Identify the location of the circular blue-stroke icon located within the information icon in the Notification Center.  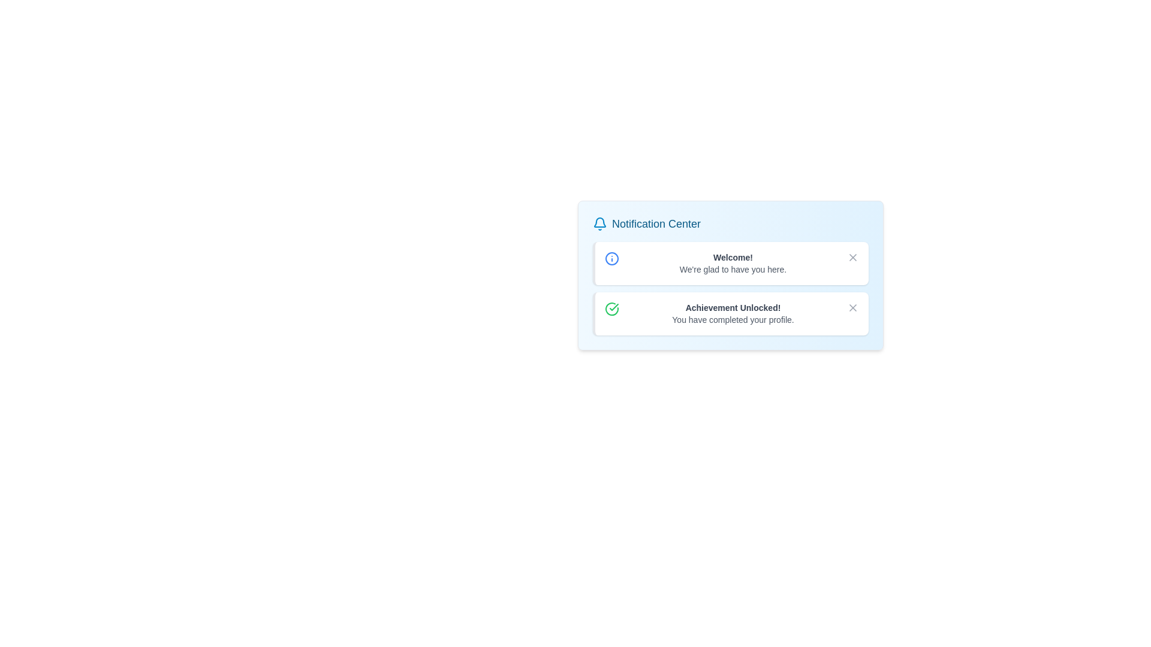
(612, 258).